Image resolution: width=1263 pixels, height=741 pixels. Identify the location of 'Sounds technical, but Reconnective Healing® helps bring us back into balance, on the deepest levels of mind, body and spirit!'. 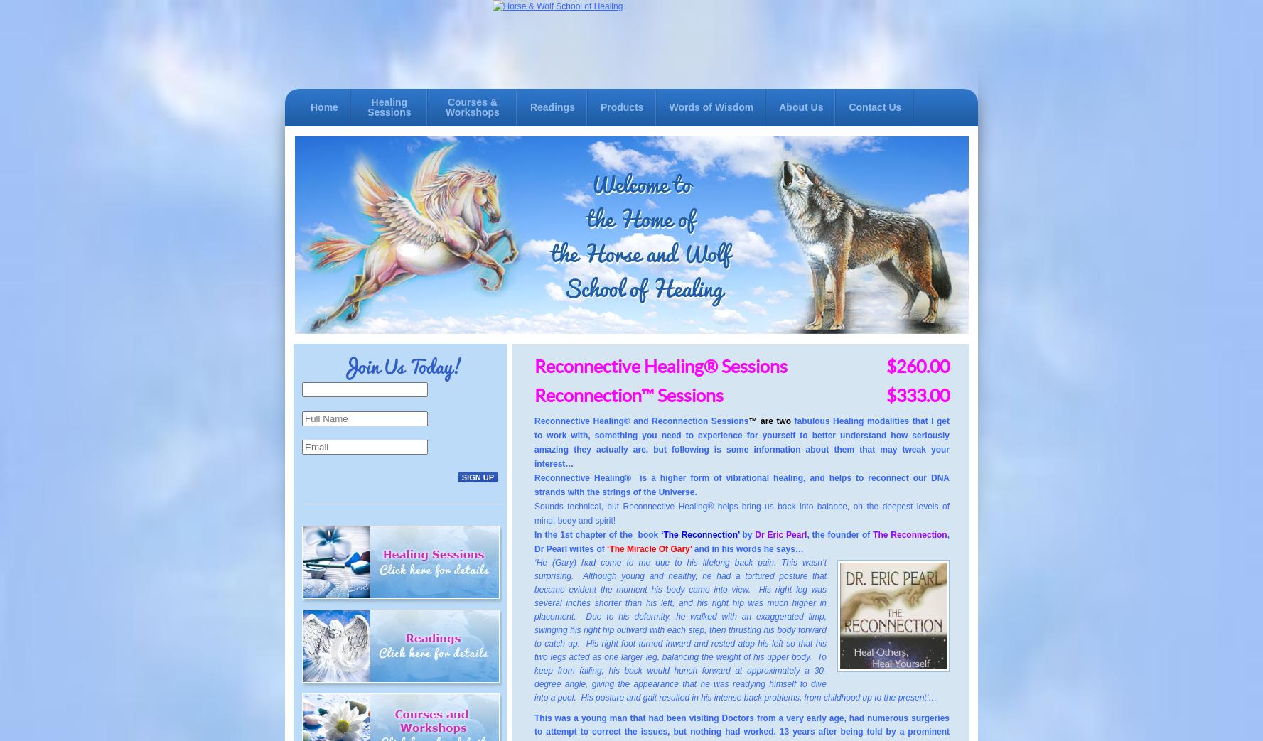
(534, 514).